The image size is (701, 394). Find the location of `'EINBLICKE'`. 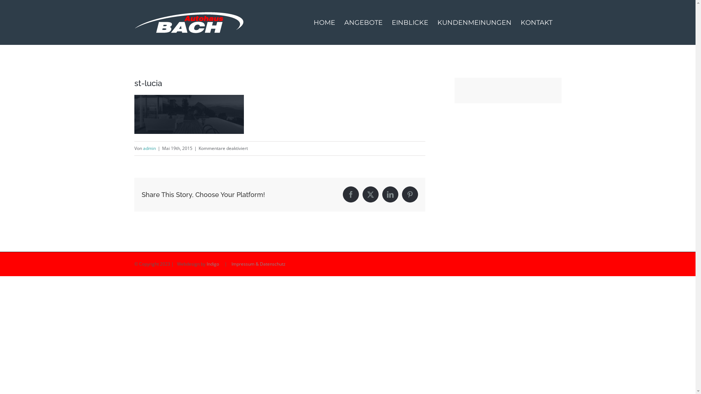

'EINBLICKE' is located at coordinates (410, 22).